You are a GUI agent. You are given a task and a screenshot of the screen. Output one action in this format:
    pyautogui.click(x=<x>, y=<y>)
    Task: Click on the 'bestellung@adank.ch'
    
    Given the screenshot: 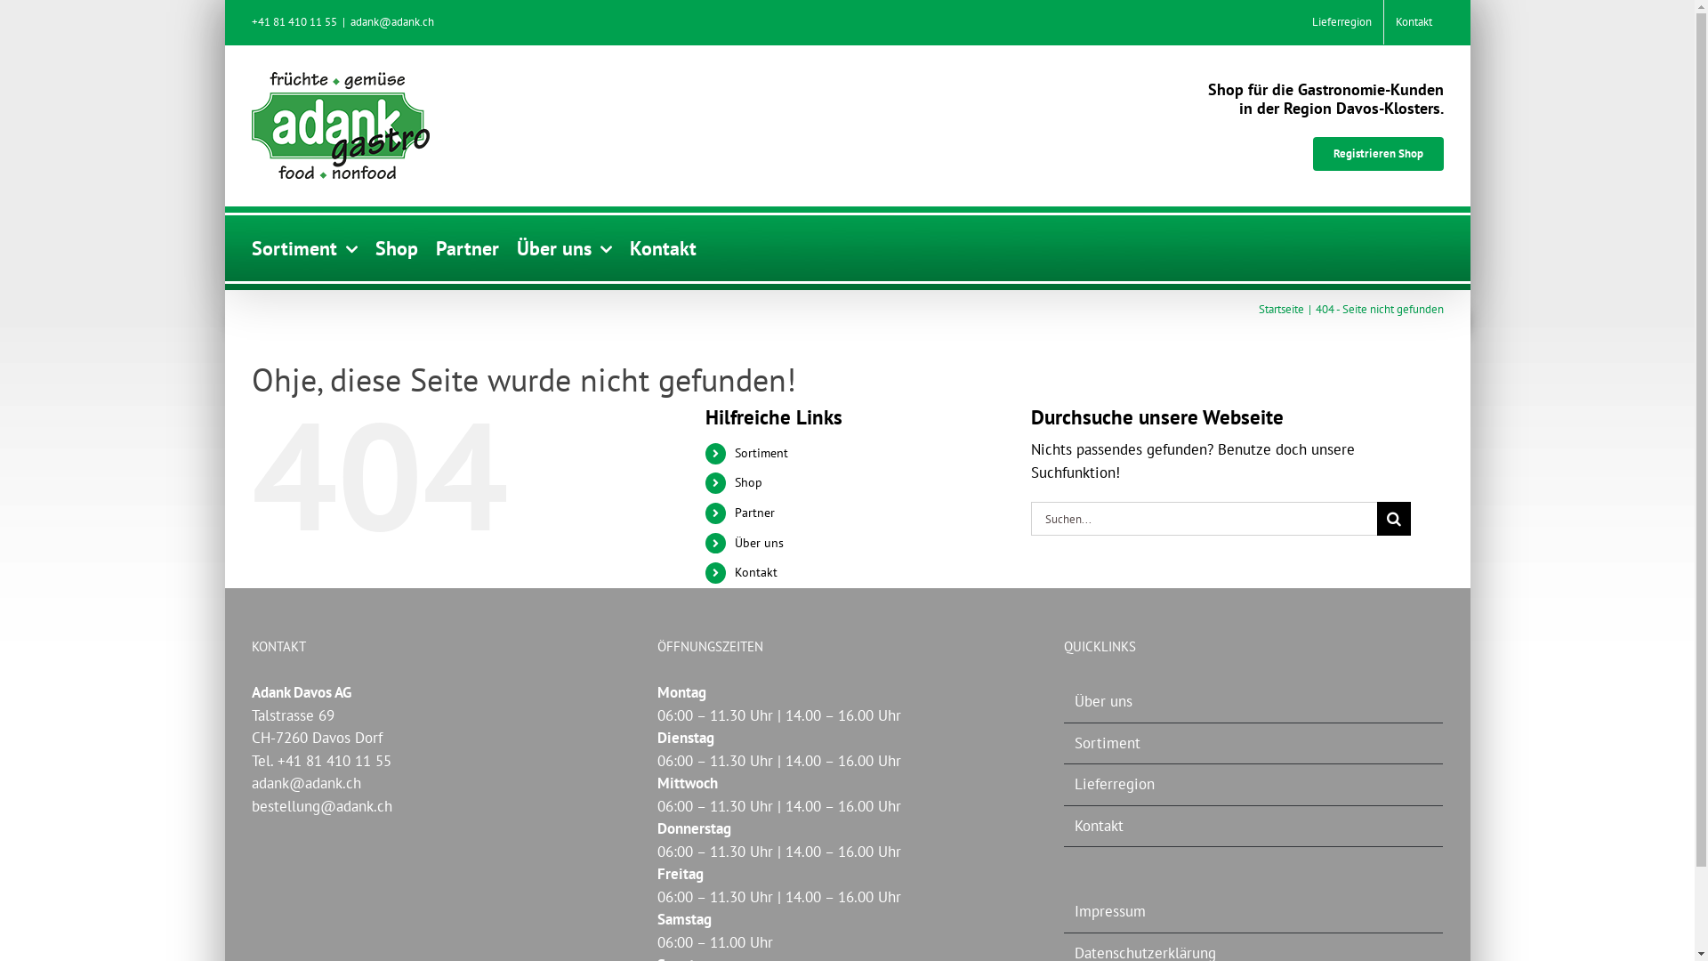 What is the action you would take?
    pyautogui.click(x=320, y=806)
    